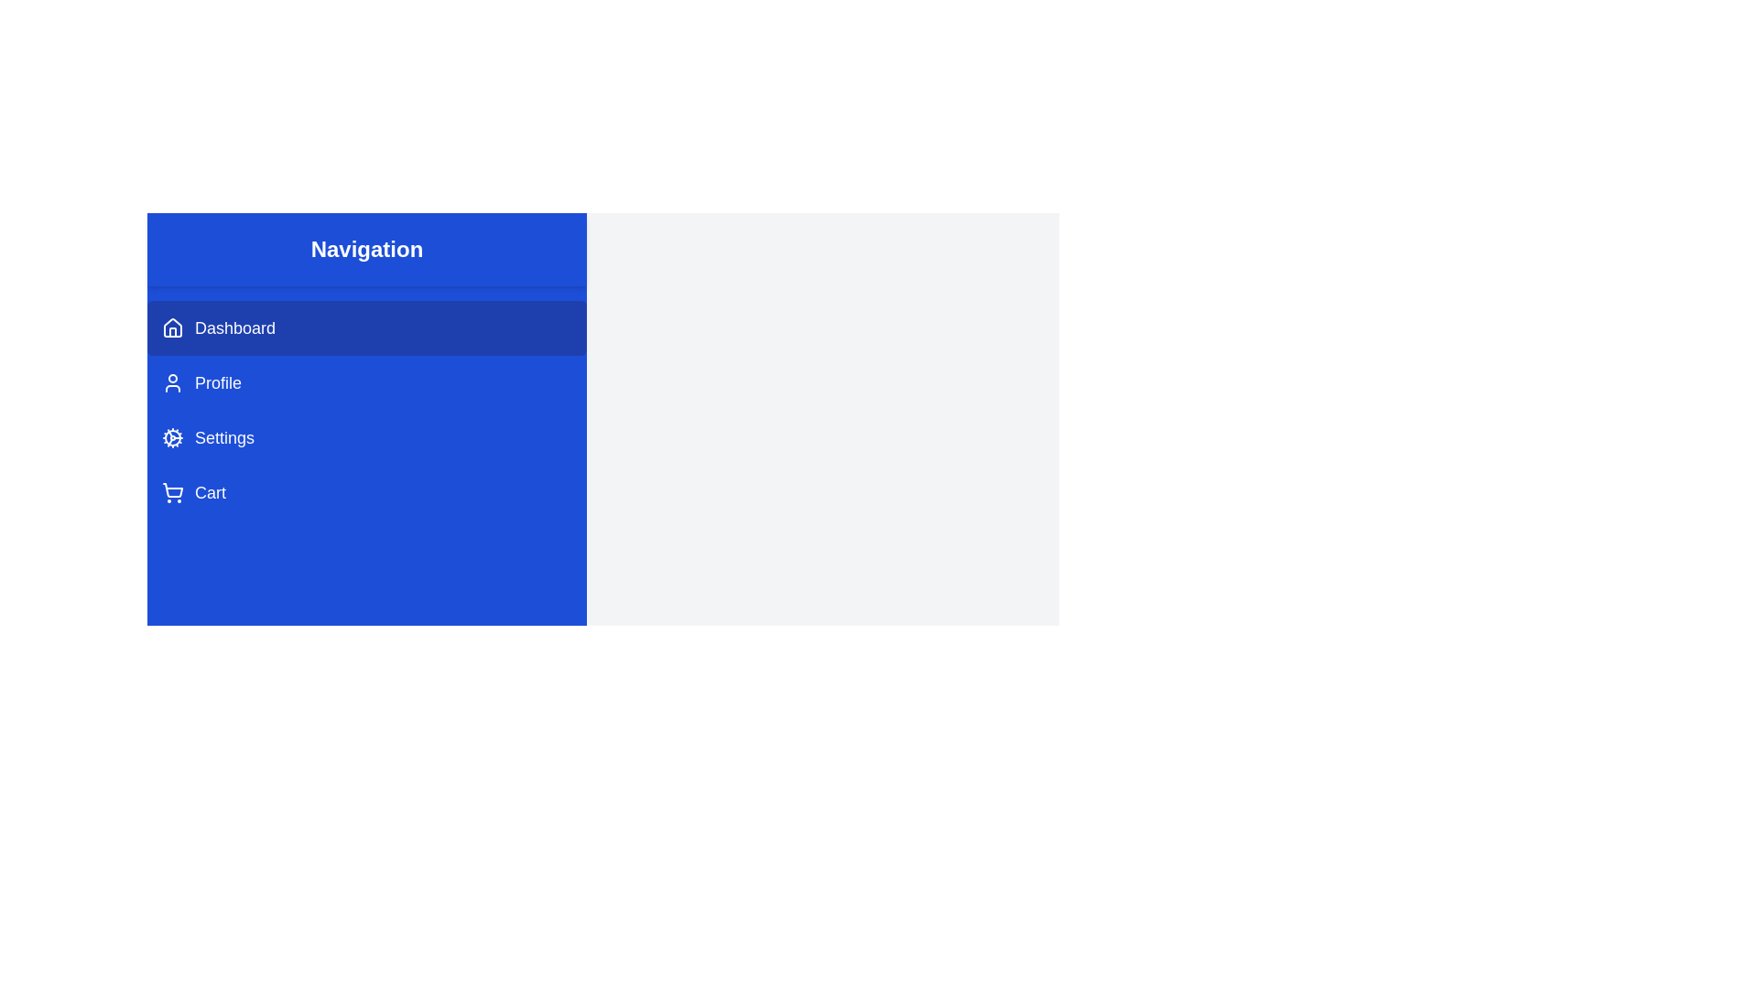 The width and height of the screenshot is (1758, 988). Describe the element at coordinates (172, 492) in the screenshot. I see `the 'Cart' icon in the left navigation menu, which is positioned under 'Dashboard', 'Profile', and 'Settings', and is the first icon to the left of the 'Cart' label` at that location.